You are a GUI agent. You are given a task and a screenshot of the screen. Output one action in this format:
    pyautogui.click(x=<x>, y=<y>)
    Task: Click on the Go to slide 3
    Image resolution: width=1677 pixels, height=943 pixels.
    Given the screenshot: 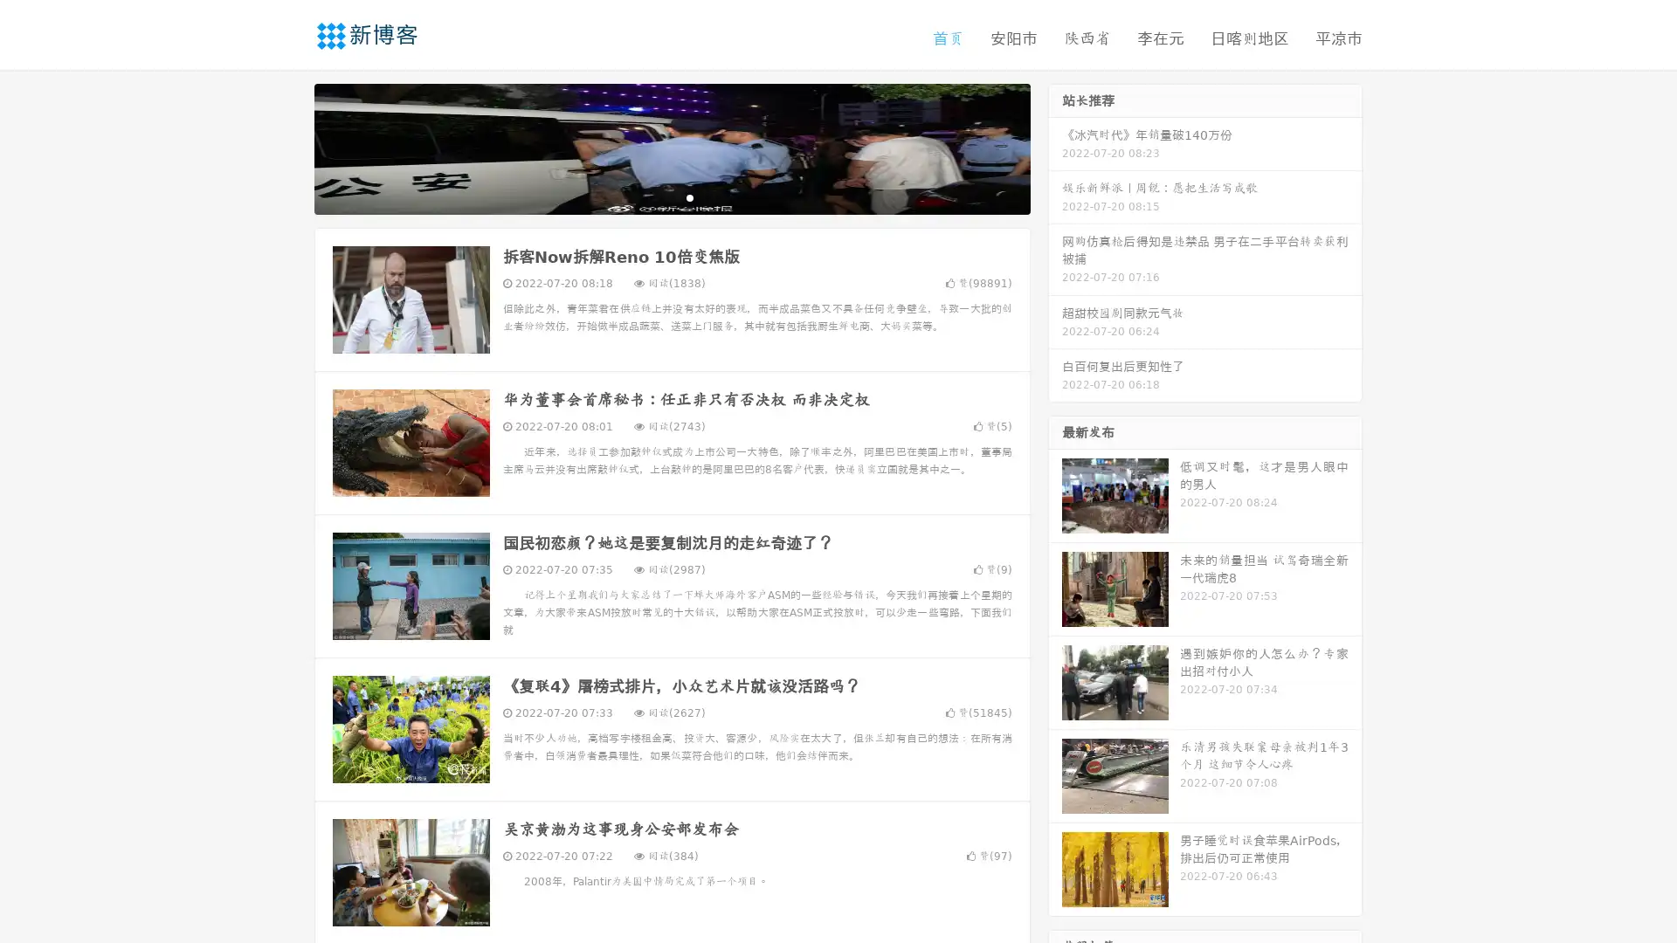 What is the action you would take?
    pyautogui.click(x=689, y=196)
    